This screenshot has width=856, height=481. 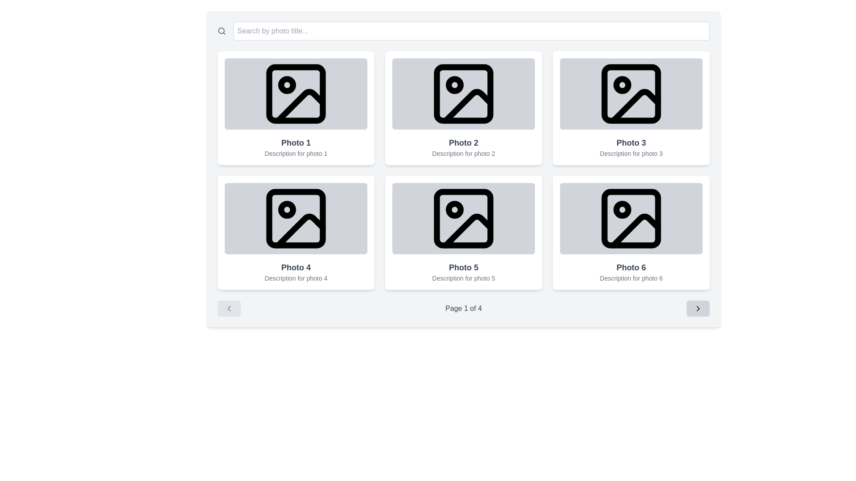 I want to click on the image placeholder representing 'Photo 5' with the description 'Description for photo 5' located in the grid's second row, center column, so click(x=464, y=218).